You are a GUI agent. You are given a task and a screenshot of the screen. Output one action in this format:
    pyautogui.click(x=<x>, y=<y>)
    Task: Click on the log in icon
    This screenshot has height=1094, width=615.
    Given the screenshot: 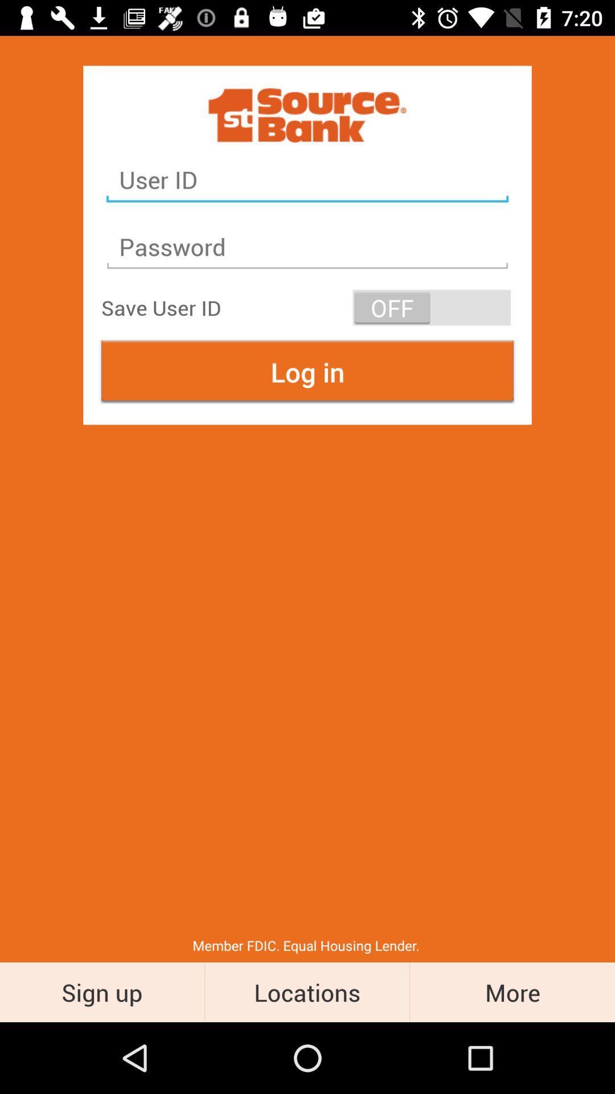 What is the action you would take?
    pyautogui.click(x=307, y=372)
    